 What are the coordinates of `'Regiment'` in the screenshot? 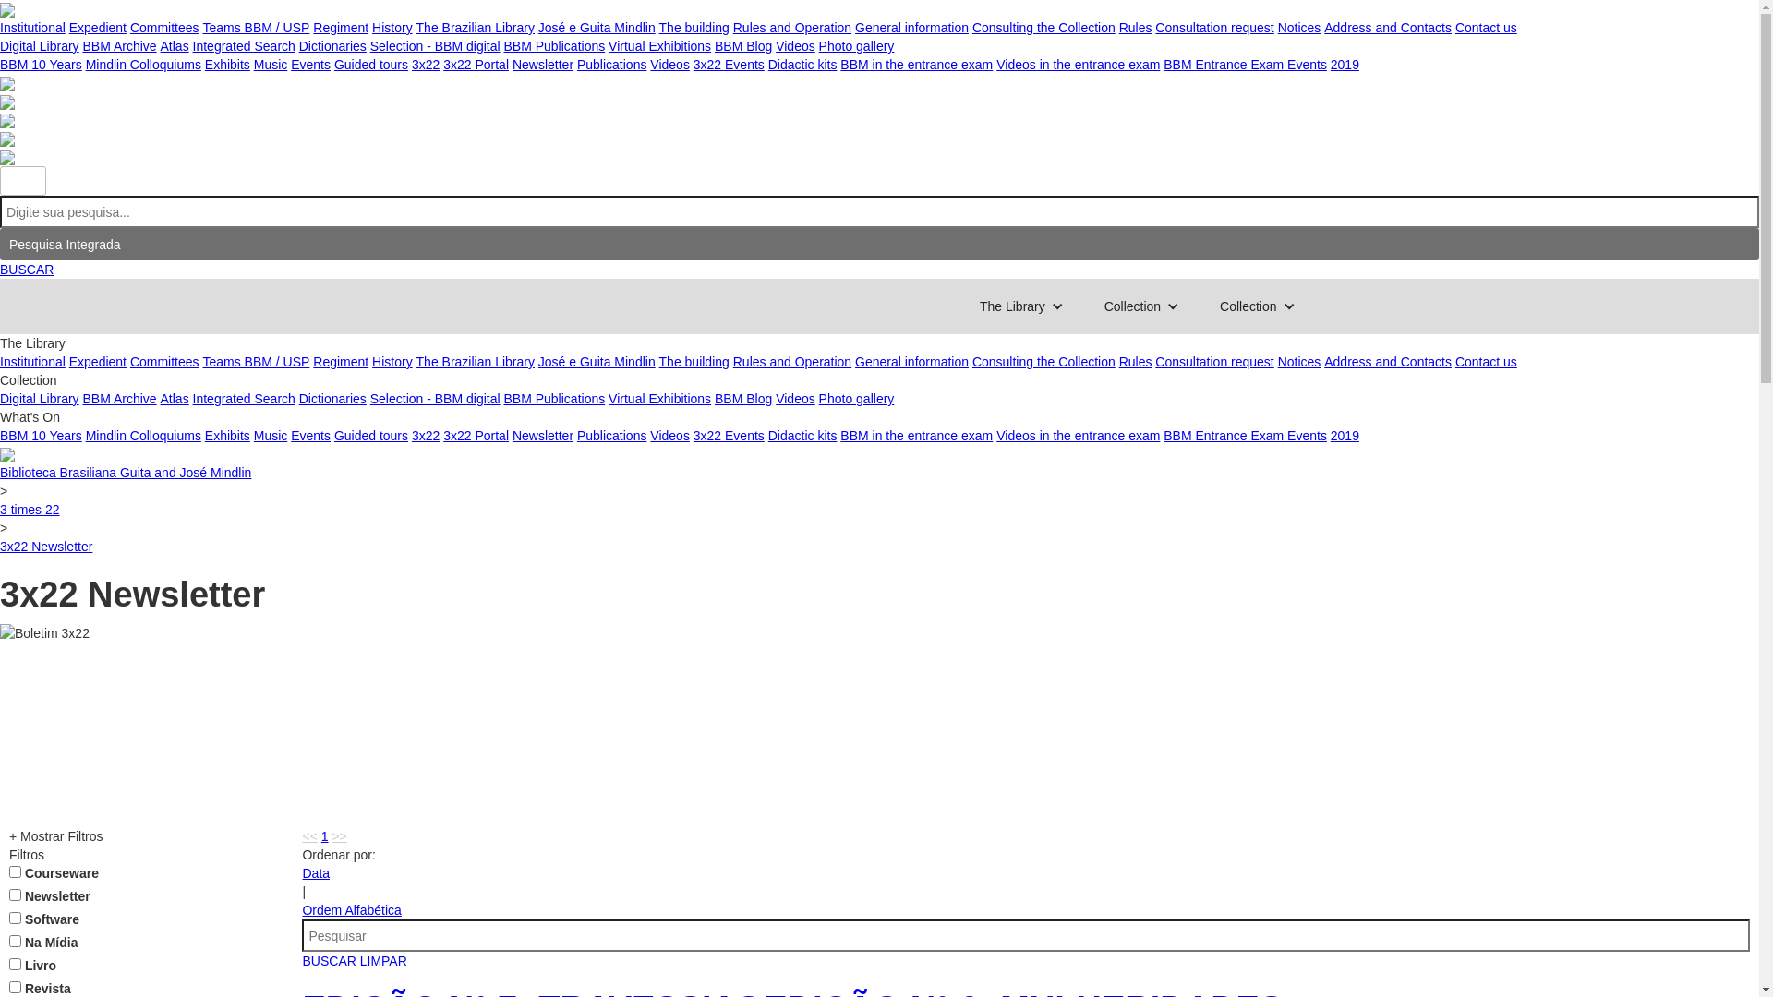 It's located at (313, 28).